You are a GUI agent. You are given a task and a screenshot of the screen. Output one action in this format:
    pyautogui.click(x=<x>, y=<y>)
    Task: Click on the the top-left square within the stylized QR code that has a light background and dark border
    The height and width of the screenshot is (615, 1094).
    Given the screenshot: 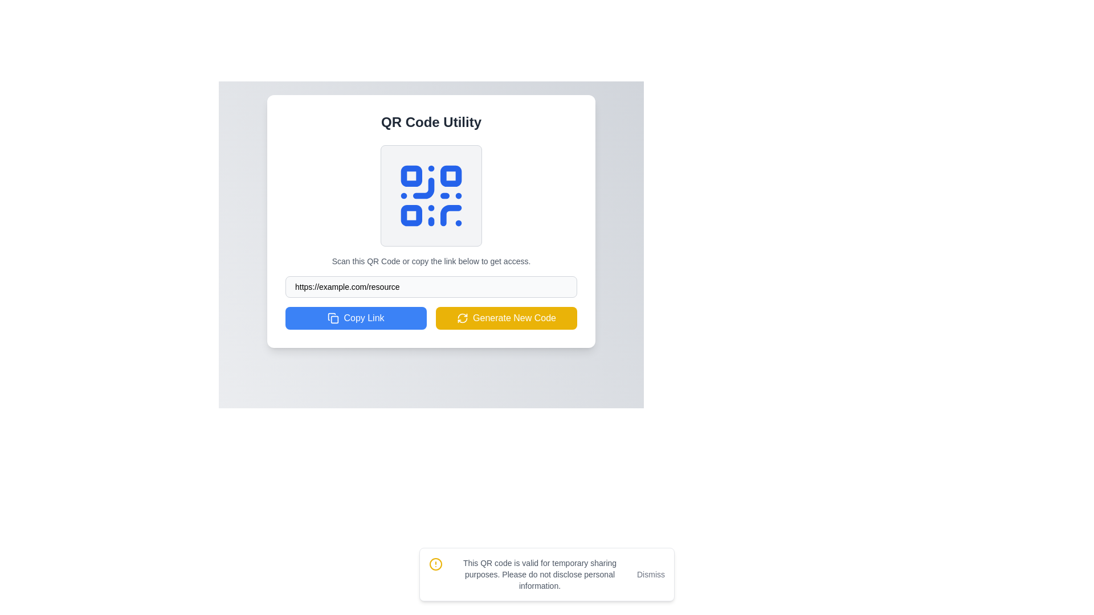 What is the action you would take?
    pyautogui.click(x=411, y=176)
    